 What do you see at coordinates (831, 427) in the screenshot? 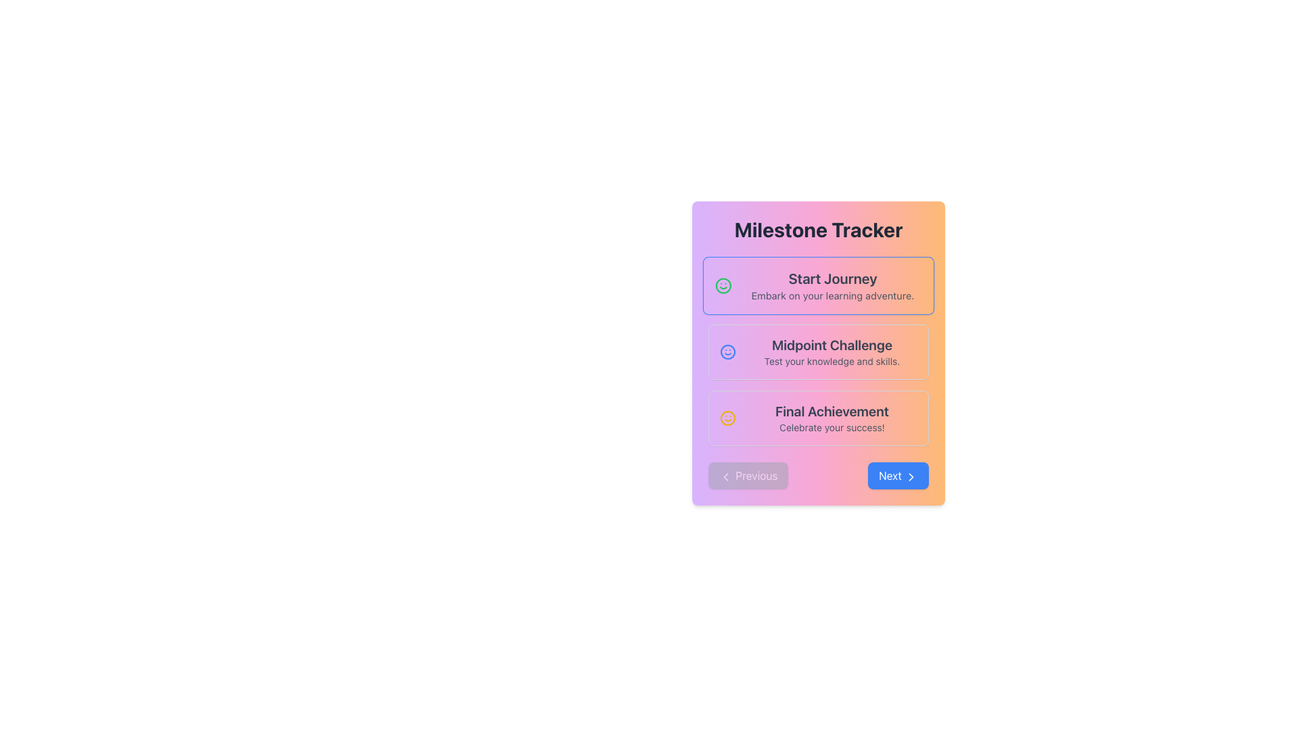
I see `the static text element displaying 'Celebrate your success!' located below 'Final Achievement' in the right-hand section of the interface` at bounding box center [831, 427].